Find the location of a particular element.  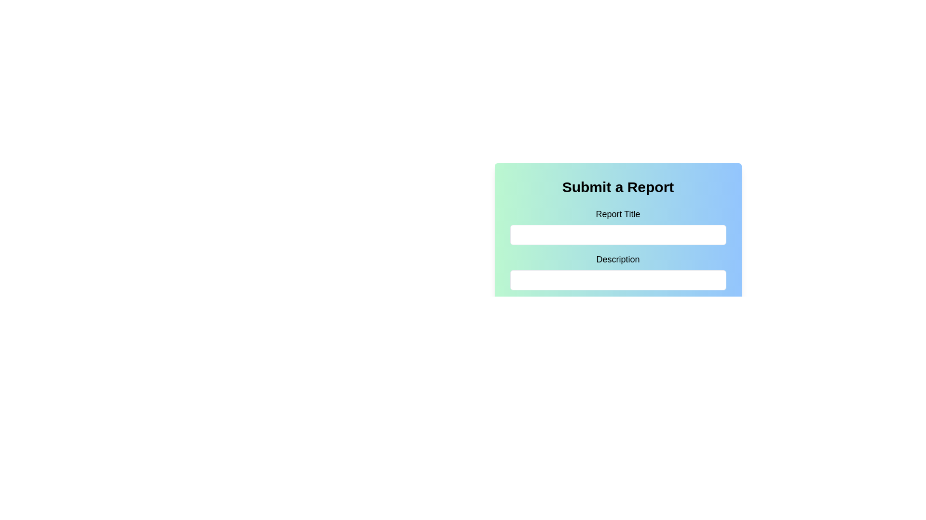

the text input field for entering the report title, which is located below the 'Submit a Report' title and the 'Report Title' label, to focus on it is located at coordinates (618, 224).